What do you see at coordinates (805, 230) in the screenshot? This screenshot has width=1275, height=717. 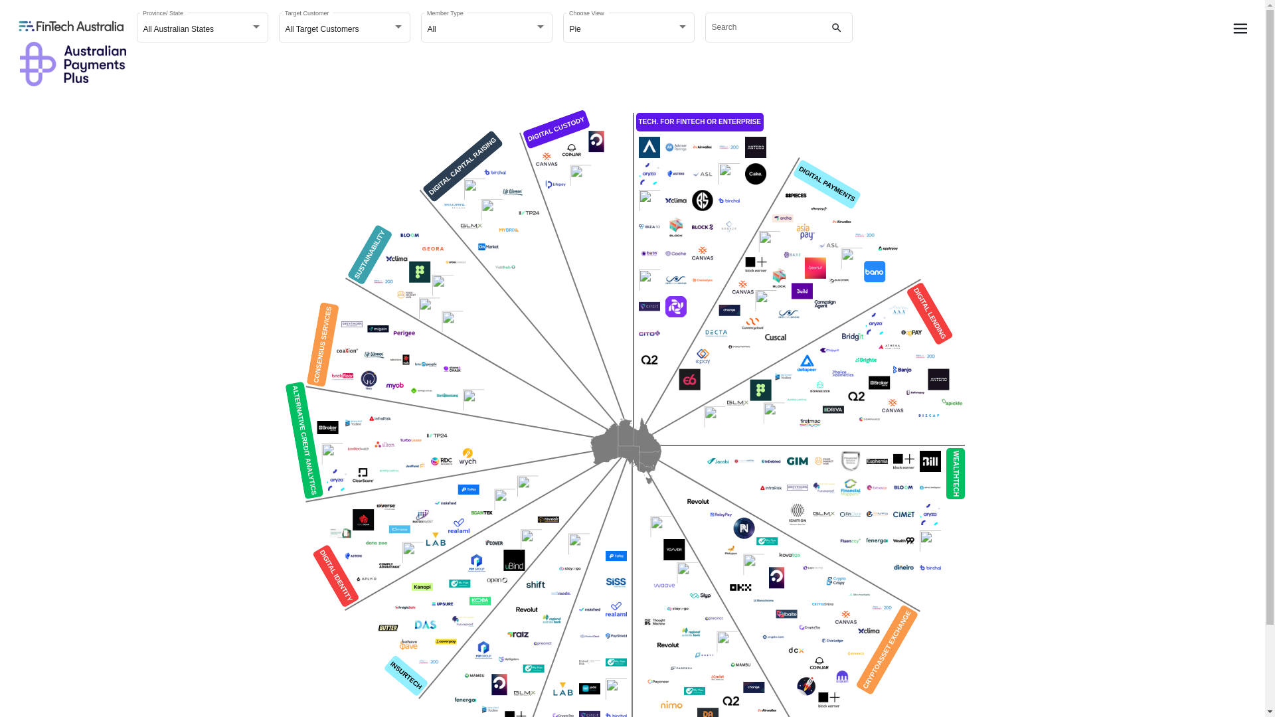 I see `'AsiaPay Australia'` at bounding box center [805, 230].